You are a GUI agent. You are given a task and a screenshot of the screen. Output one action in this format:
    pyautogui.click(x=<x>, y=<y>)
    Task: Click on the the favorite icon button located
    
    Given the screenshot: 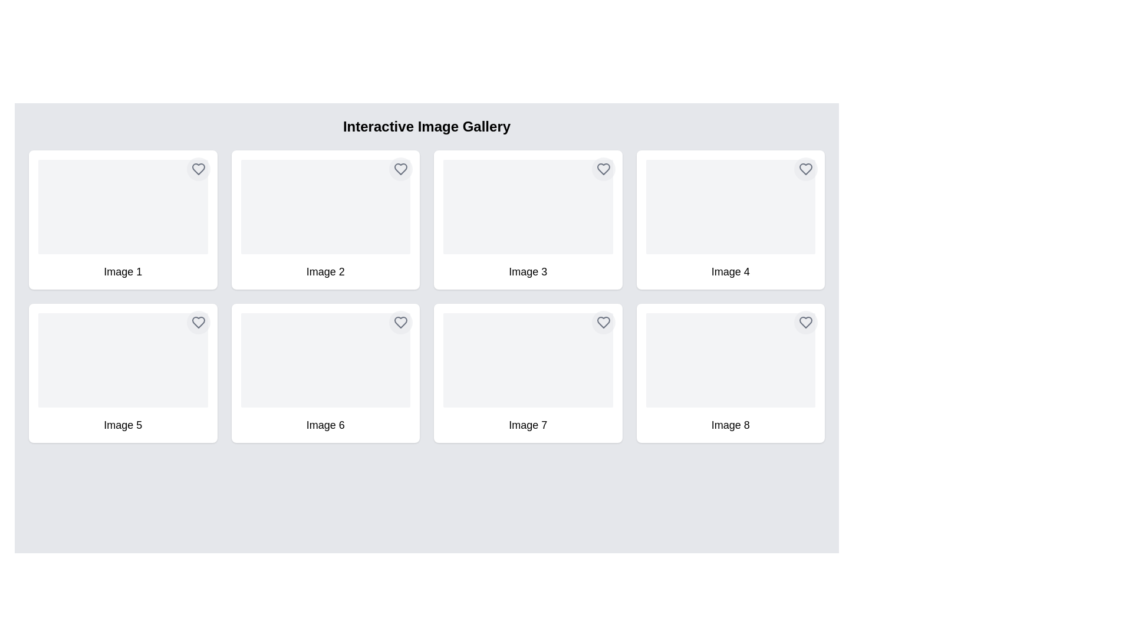 What is the action you would take?
    pyautogui.click(x=603, y=169)
    